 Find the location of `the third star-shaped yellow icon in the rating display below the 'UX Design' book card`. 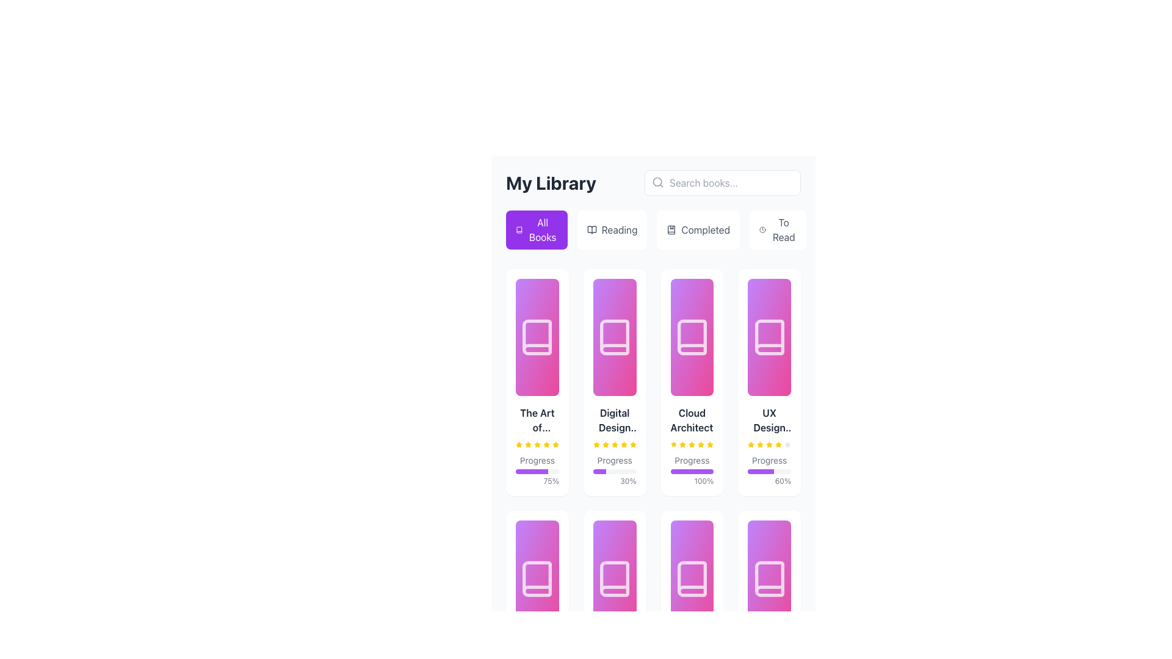

the third star-shaped yellow icon in the rating display below the 'UX Design' book card is located at coordinates (769, 444).